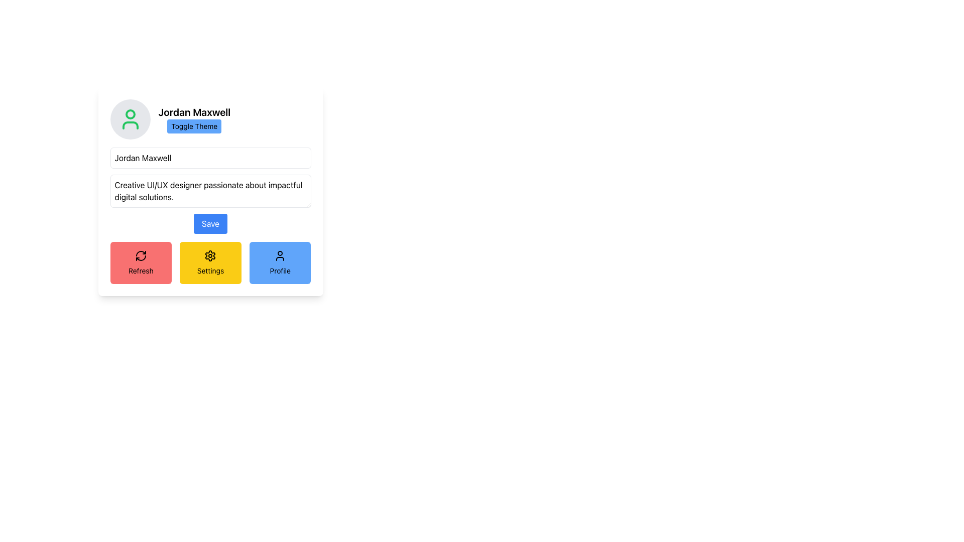  What do you see at coordinates (130, 119) in the screenshot?
I see `the profile picture placeholder icon located on the left side of the card at the top, adjacent to the text 'Jordan Maxwell' and the 'Toggle Theme' button` at bounding box center [130, 119].